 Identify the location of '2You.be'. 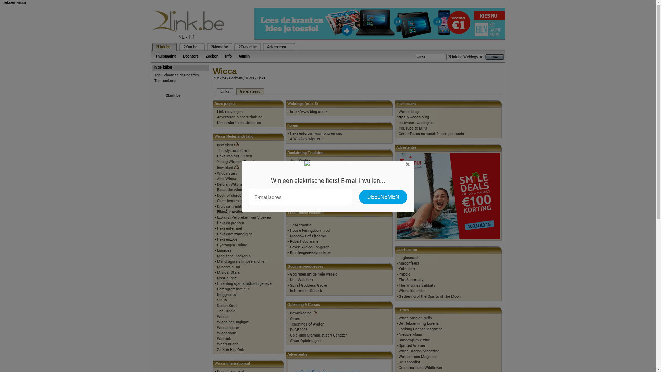
(190, 46).